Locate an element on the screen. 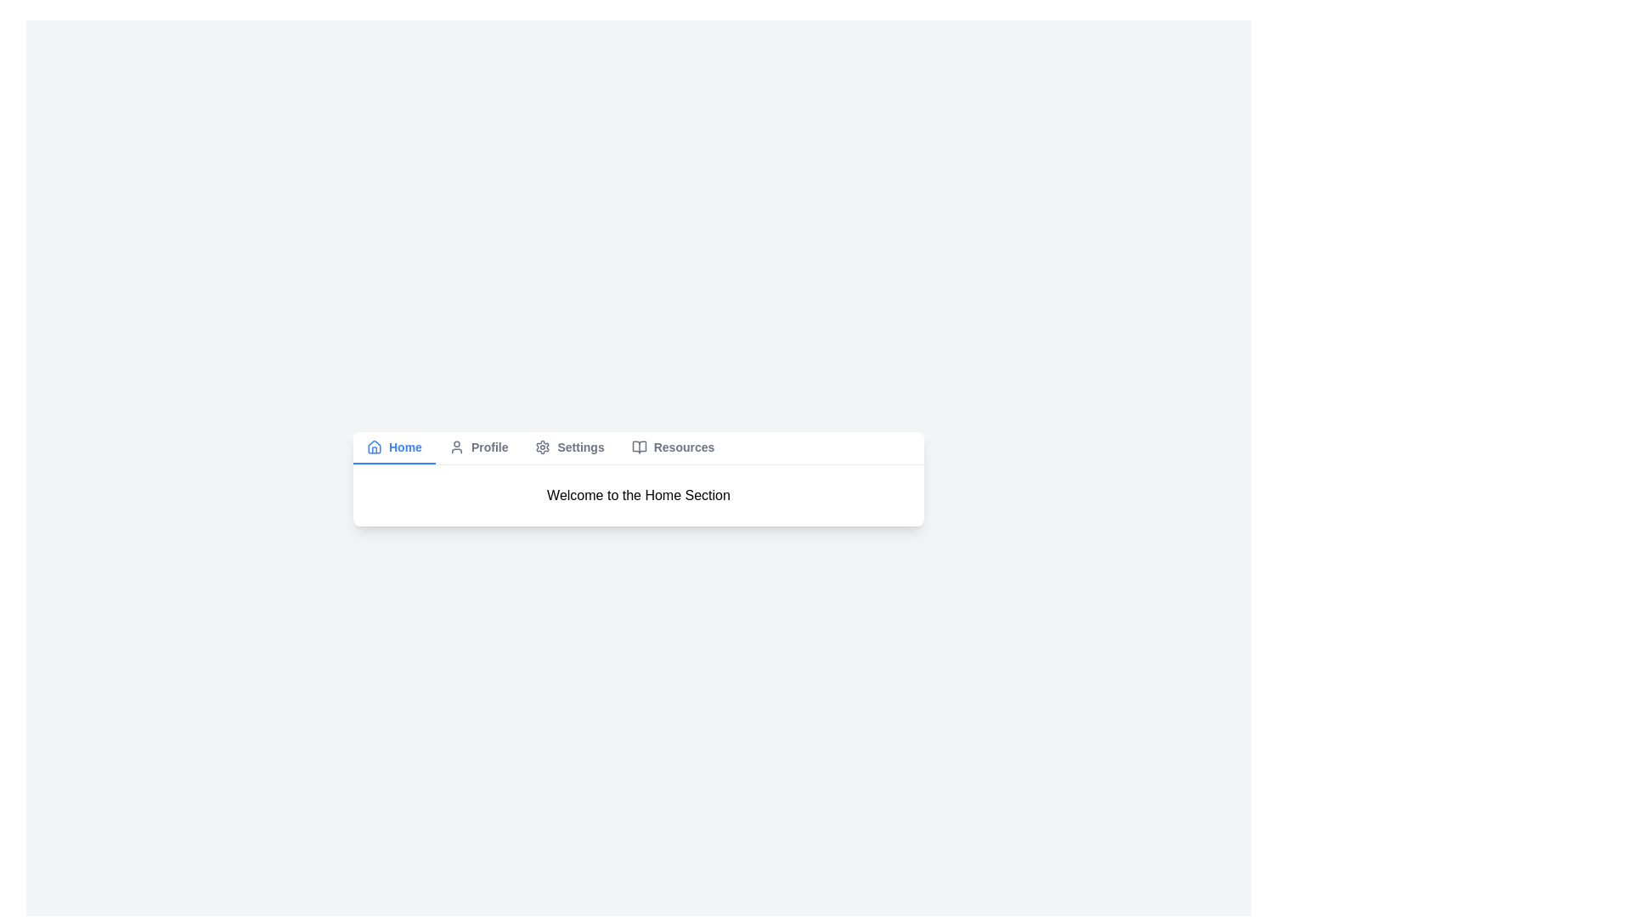 This screenshot has width=1631, height=917. the 'Settings' navigation link located in the horizontal navigation bar below the title 'Home', positioned between 'Profile' and 'Resources' is located at coordinates (581, 446).